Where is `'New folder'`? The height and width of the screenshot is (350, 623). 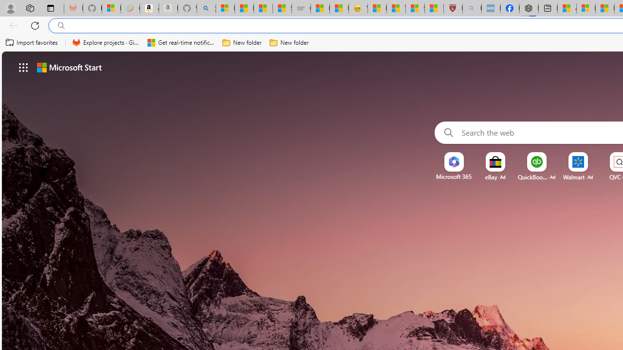
'New folder' is located at coordinates (289, 42).